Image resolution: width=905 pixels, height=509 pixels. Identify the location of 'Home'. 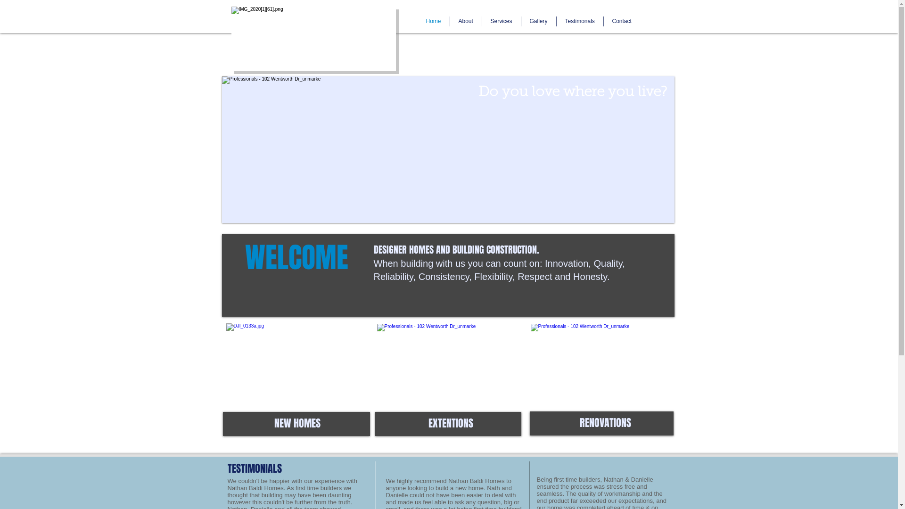
(433, 21).